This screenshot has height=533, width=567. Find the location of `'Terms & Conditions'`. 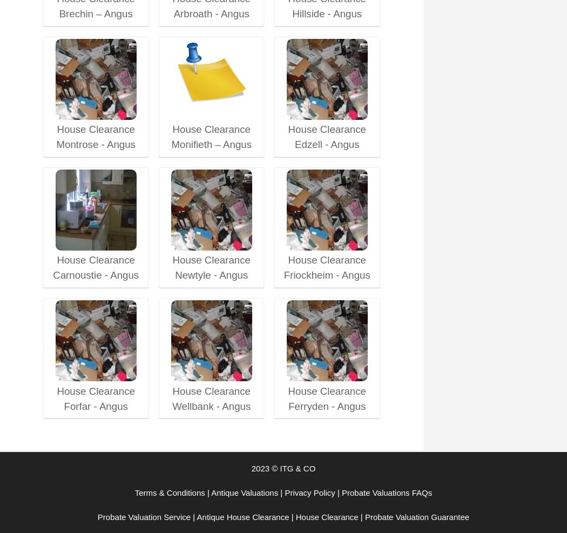

'Terms & Conditions' is located at coordinates (169, 491).